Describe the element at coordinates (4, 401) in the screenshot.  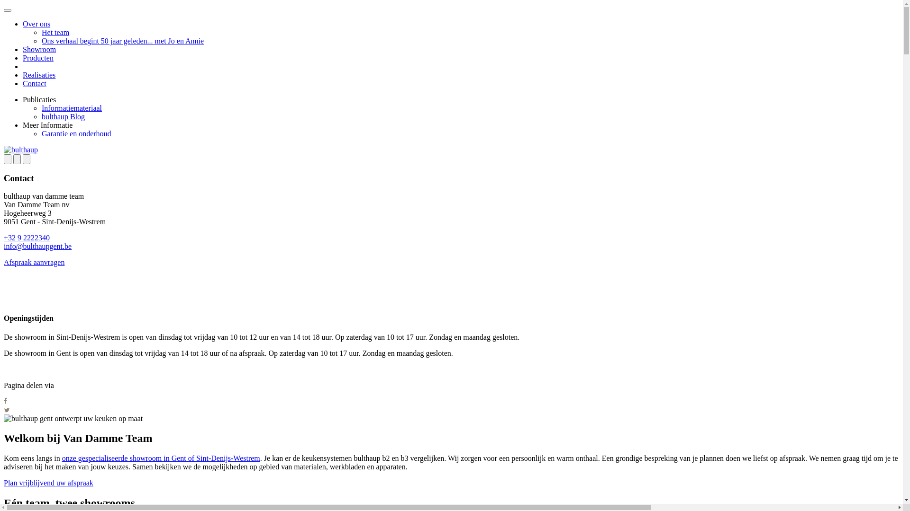
I see `'share on facebook'` at that location.